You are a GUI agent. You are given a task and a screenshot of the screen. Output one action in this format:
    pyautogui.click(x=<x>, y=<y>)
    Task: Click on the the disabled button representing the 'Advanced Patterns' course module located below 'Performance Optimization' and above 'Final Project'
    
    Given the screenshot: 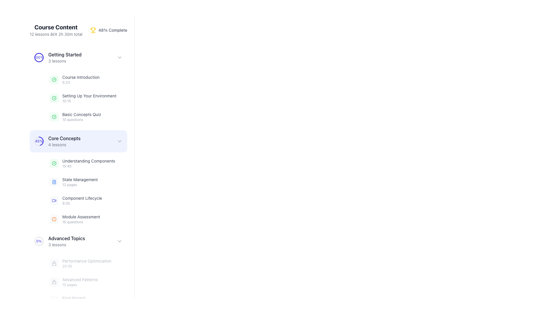 What is the action you would take?
    pyautogui.click(x=86, y=281)
    